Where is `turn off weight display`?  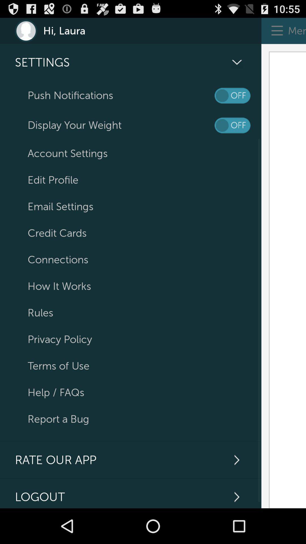 turn off weight display is located at coordinates (232, 125).